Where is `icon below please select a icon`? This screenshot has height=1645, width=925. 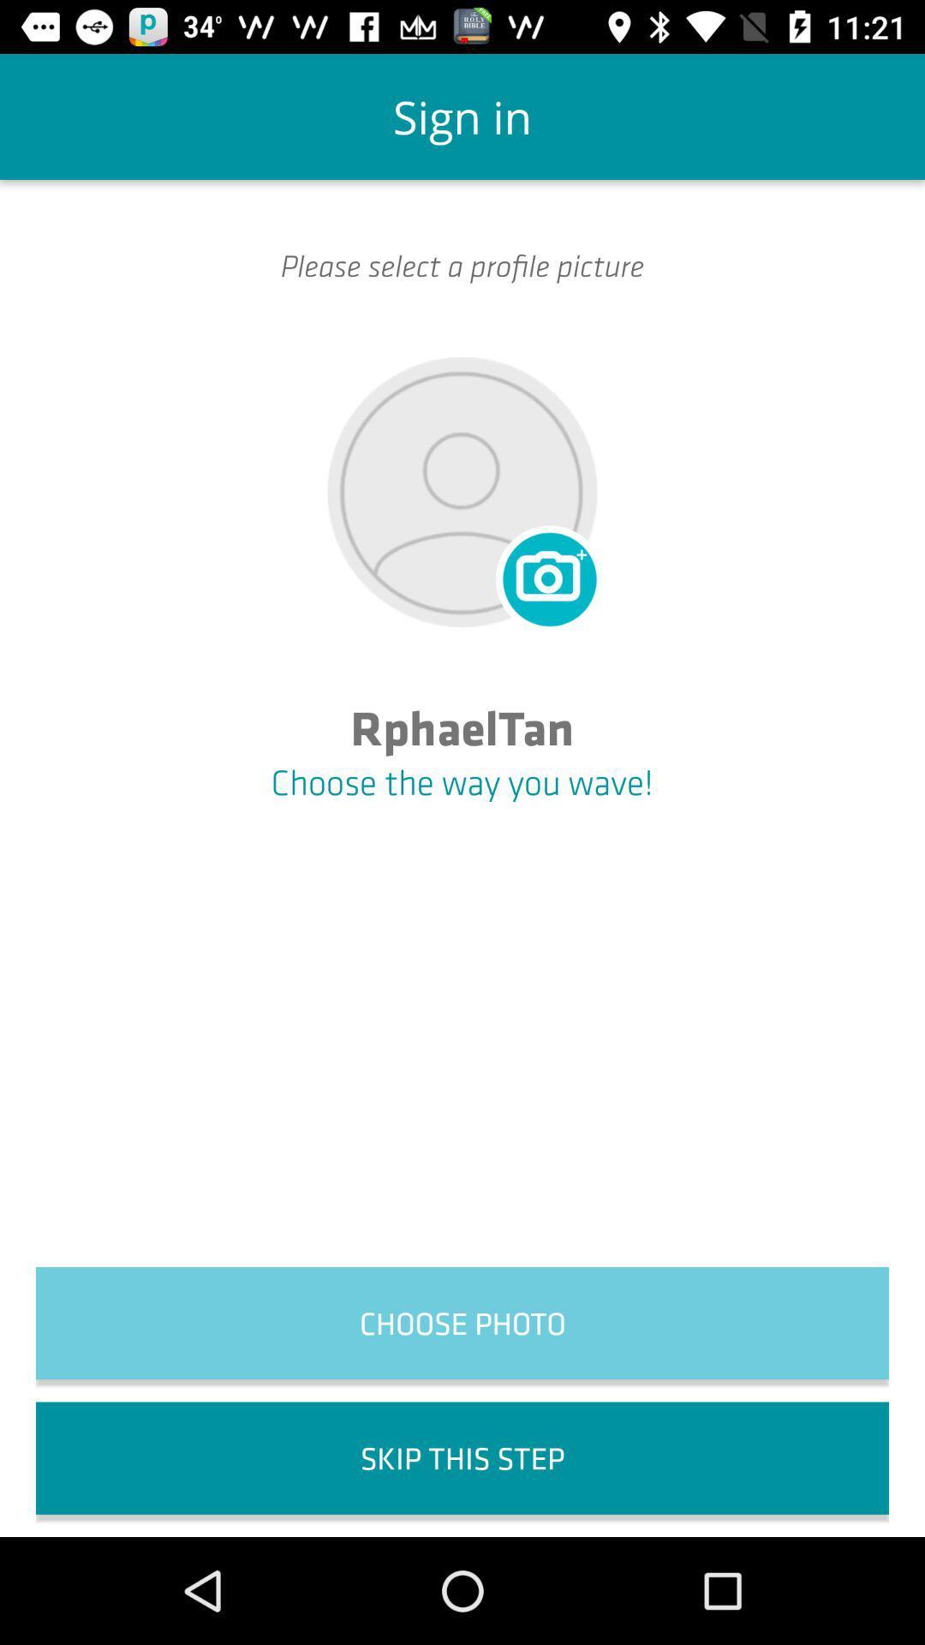 icon below please select a icon is located at coordinates (546, 576).